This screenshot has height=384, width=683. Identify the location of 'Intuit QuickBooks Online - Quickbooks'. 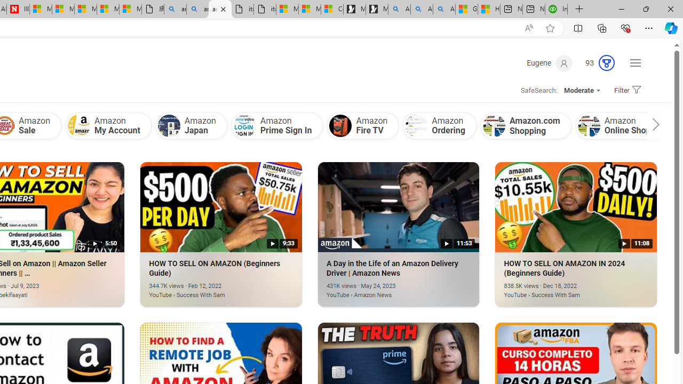
(555, 9).